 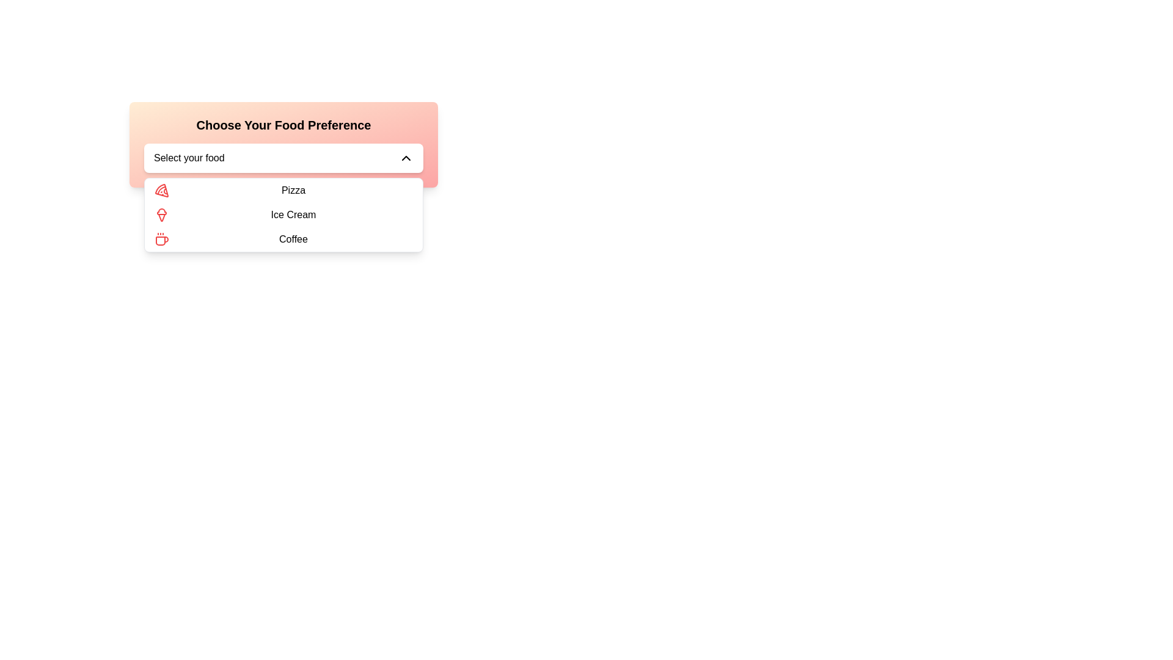 I want to click on the text label in the second row of the dropdown menu, which is centered beneath the title 'Choose Your Food Preference', so click(x=293, y=214).